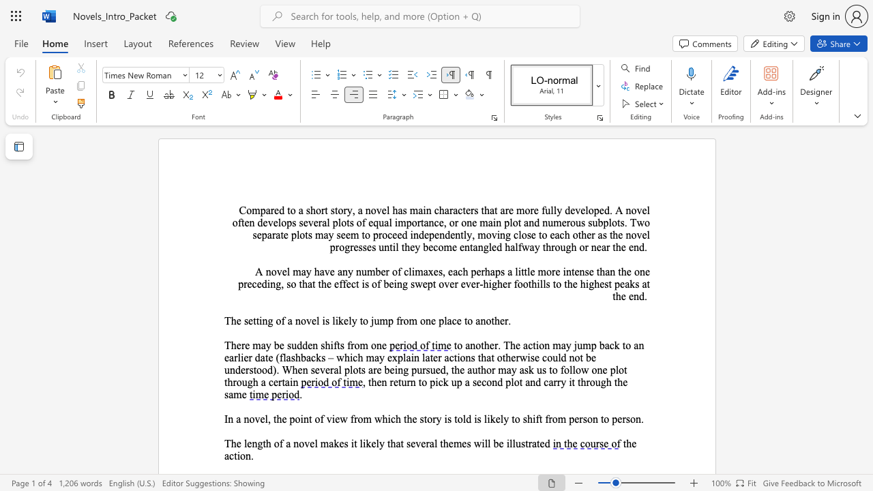 Image resolution: width=873 pixels, height=491 pixels. Describe the element at coordinates (261, 234) in the screenshot. I see `the subset text "parate plots may s" within the text "subplots. Two separate plots may seem to"` at that location.